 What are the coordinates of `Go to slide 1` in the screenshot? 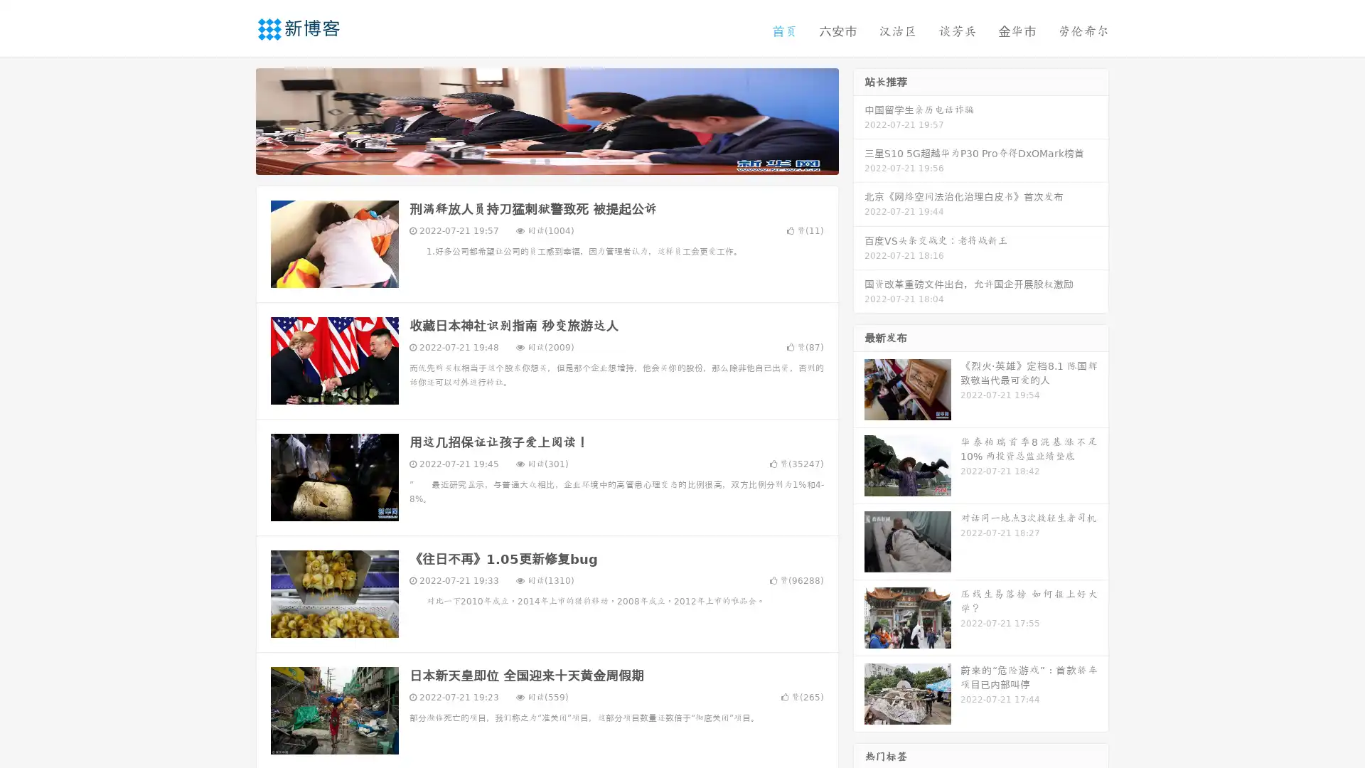 It's located at (532, 160).